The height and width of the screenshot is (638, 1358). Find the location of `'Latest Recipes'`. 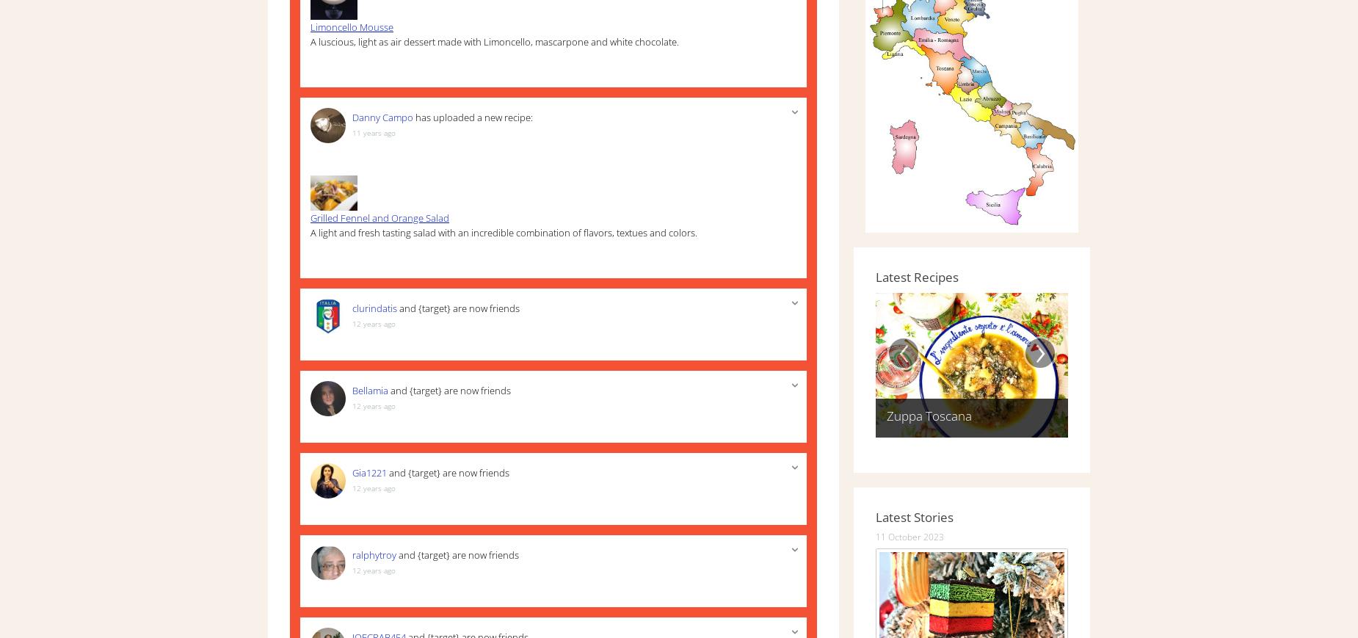

'Latest Recipes' is located at coordinates (916, 276).